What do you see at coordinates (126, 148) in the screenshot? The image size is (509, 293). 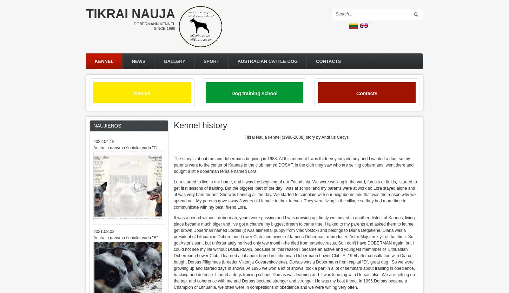 I see `'Australų ganymo šuniukų vada "C"'` at bounding box center [126, 148].